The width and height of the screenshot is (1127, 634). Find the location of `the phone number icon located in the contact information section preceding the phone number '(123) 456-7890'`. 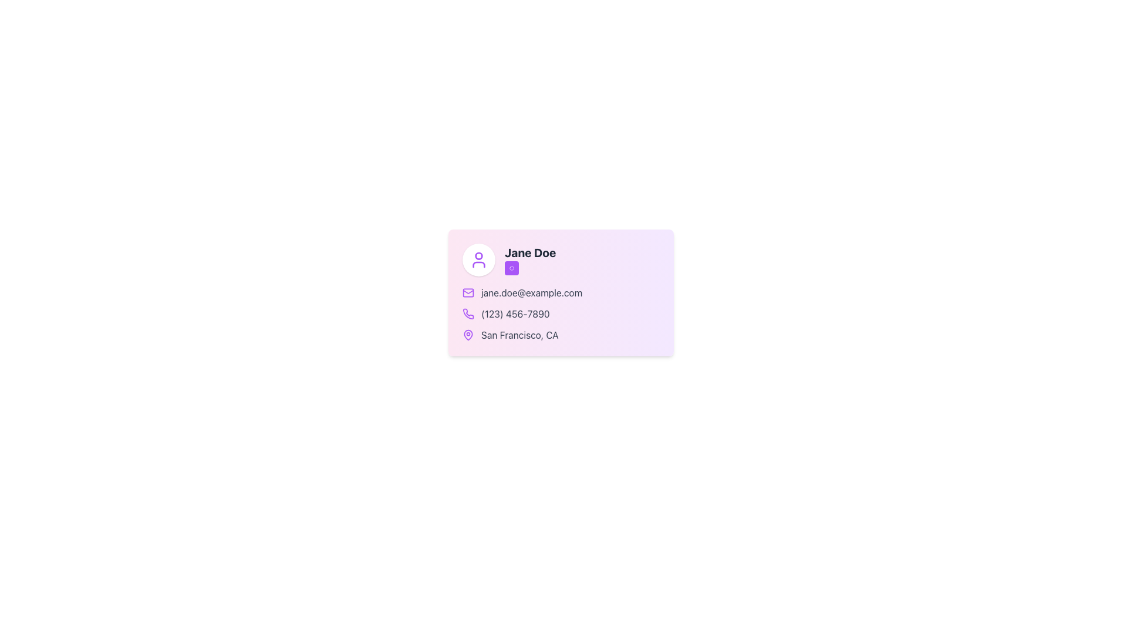

the phone number icon located in the contact information section preceding the phone number '(123) 456-7890' is located at coordinates (467, 313).